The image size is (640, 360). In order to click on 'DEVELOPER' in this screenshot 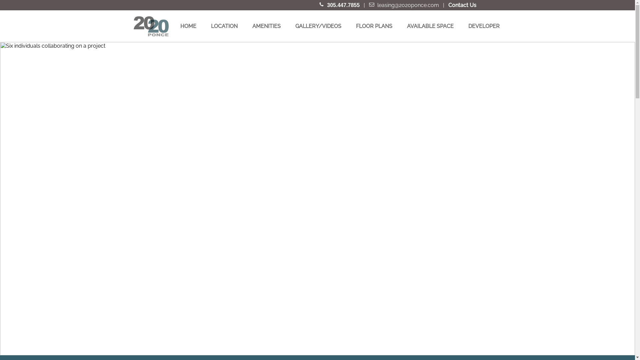, I will do `click(484, 26)`.